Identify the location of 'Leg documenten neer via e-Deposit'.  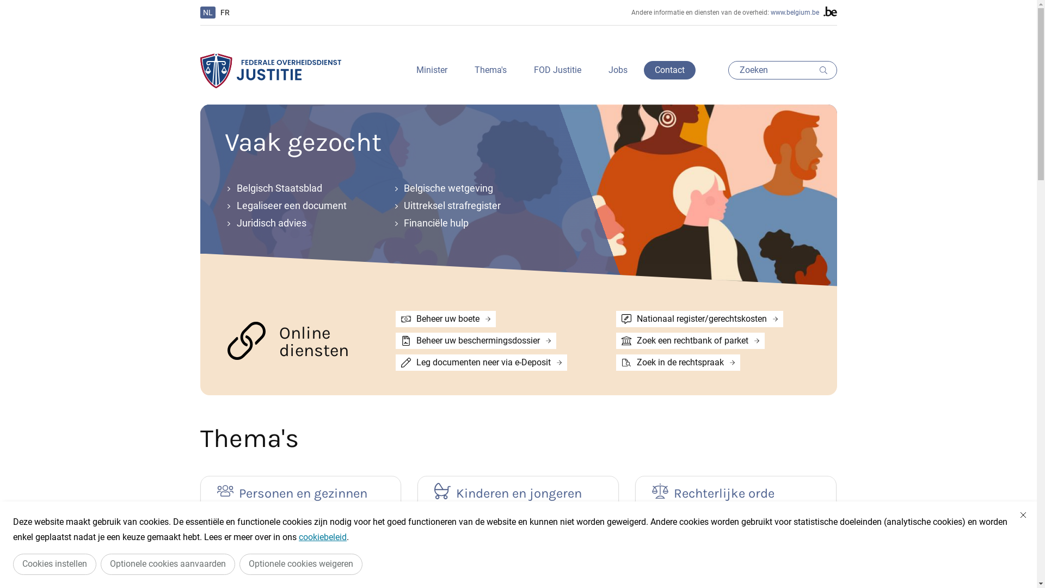
(481, 363).